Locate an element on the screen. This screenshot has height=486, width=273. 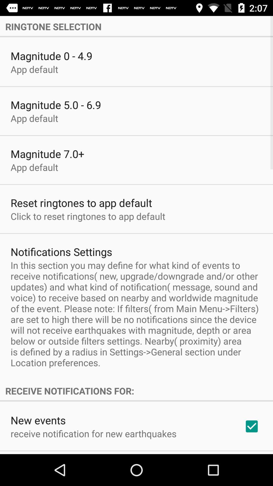
icon above the magnitude 0 4 icon is located at coordinates (136, 26).